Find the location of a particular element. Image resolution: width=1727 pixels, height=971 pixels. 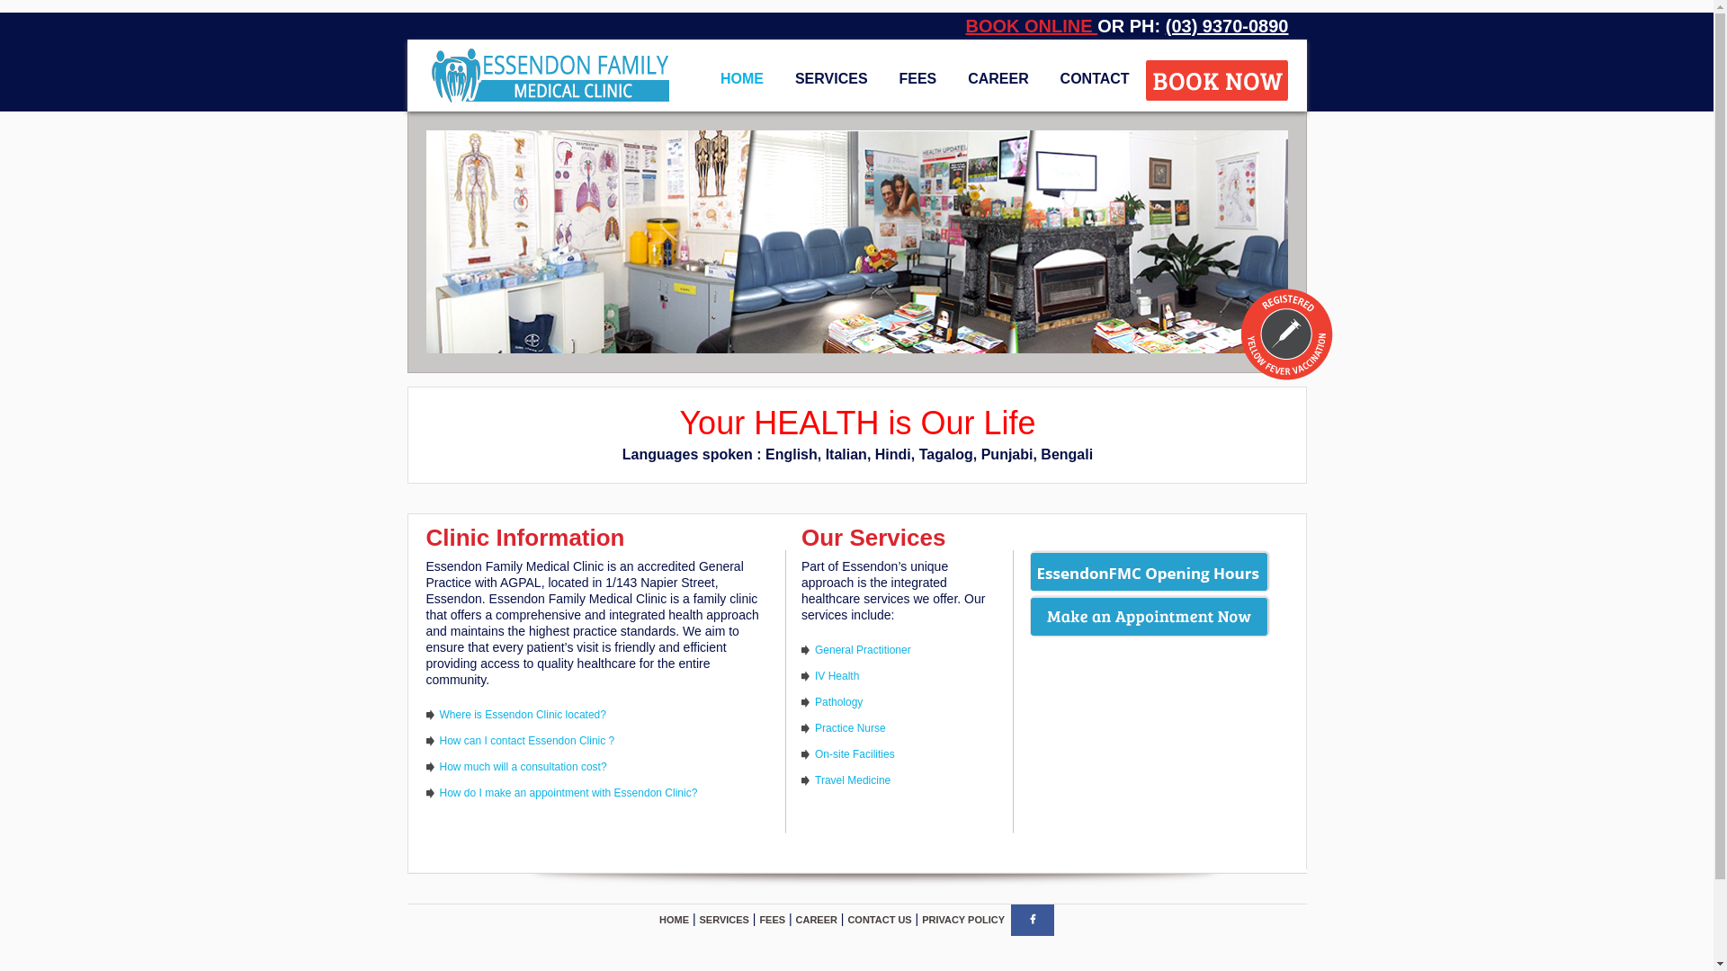

'PRIVACY POLICY' is located at coordinates (962, 919).